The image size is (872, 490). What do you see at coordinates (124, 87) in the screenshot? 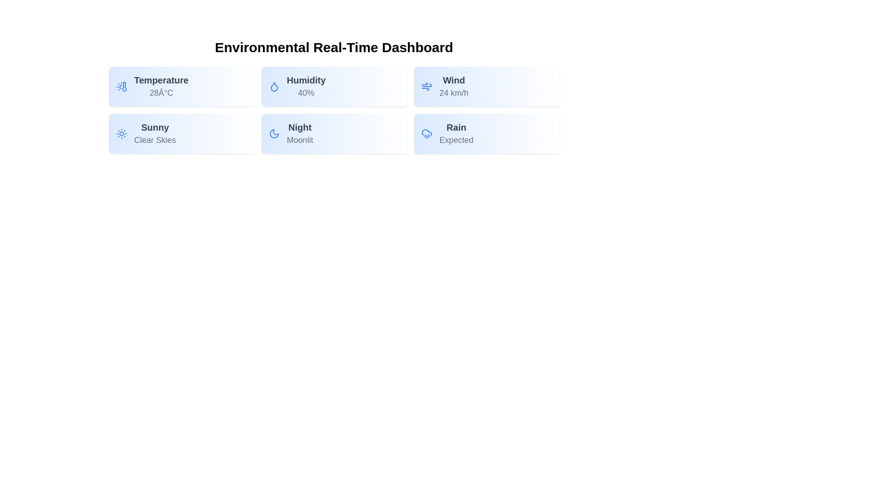
I see `the thermometer icon component located on the leftmost side of the top row of the dashboard, which represents temperature data` at bounding box center [124, 87].